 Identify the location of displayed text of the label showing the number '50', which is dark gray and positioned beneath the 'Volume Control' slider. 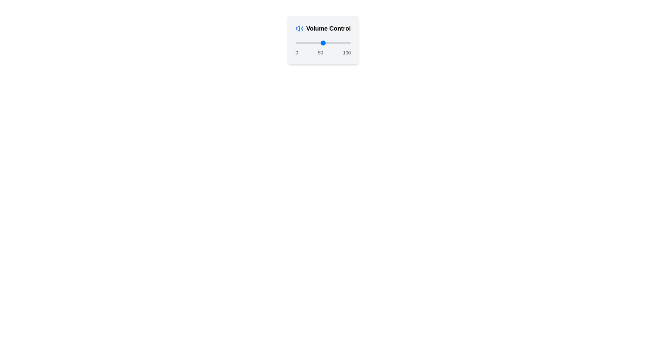
(320, 52).